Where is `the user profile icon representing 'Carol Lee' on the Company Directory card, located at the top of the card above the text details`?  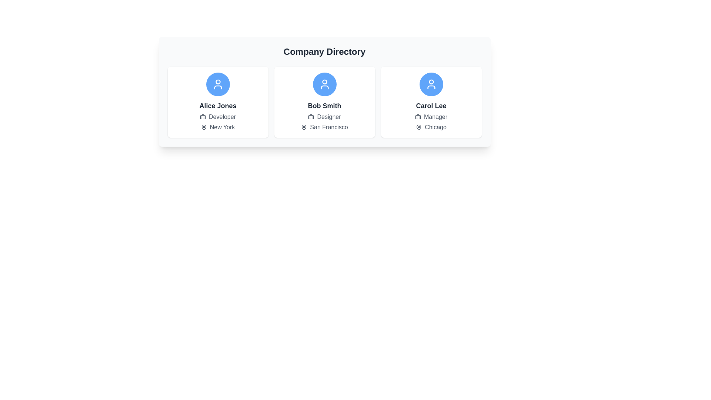 the user profile icon representing 'Carol Lee' on the Company Directory card, located at the top of the card above the text details is located at coordinates (431, 84).